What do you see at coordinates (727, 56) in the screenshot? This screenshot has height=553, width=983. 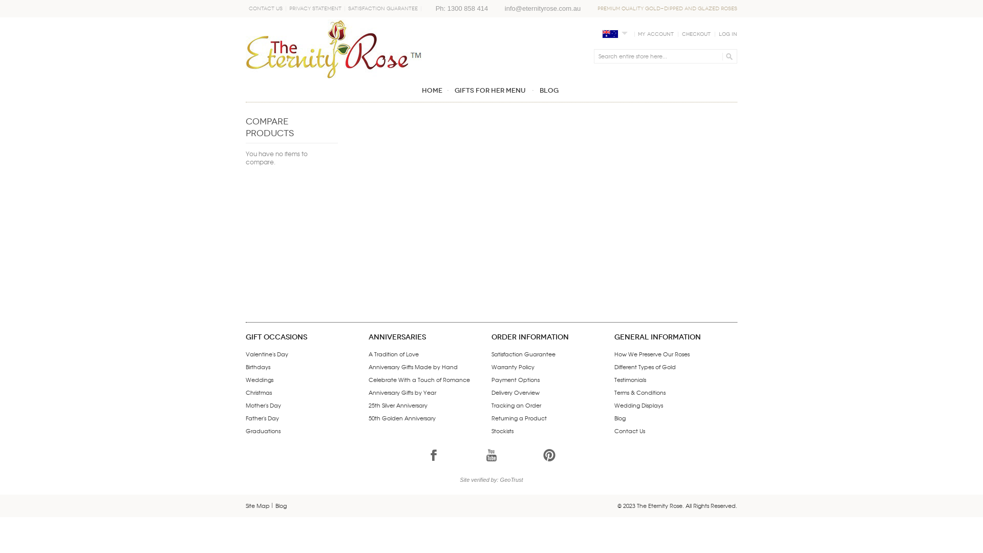 I see `'GO'` at bounding box center [727, 56].